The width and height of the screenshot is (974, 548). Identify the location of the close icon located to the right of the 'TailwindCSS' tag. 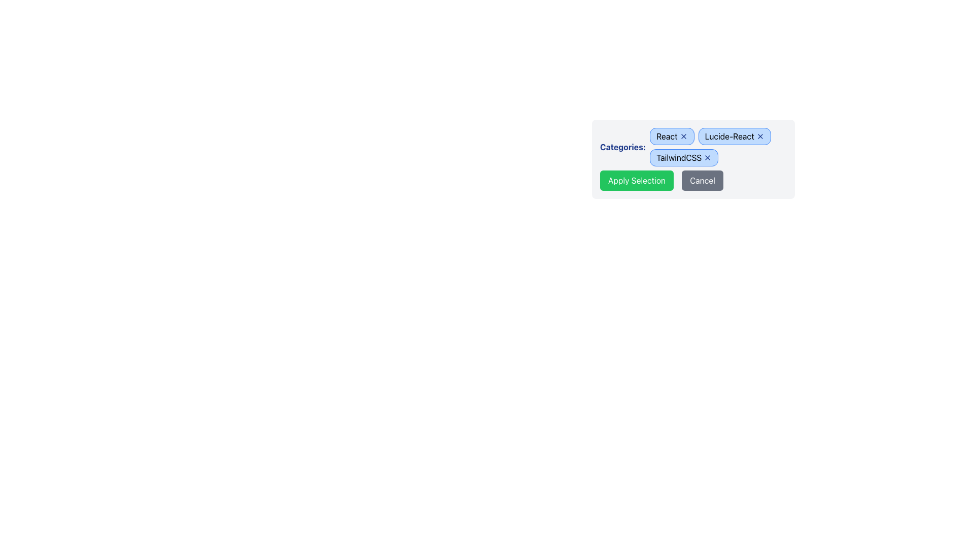
(707, 158).